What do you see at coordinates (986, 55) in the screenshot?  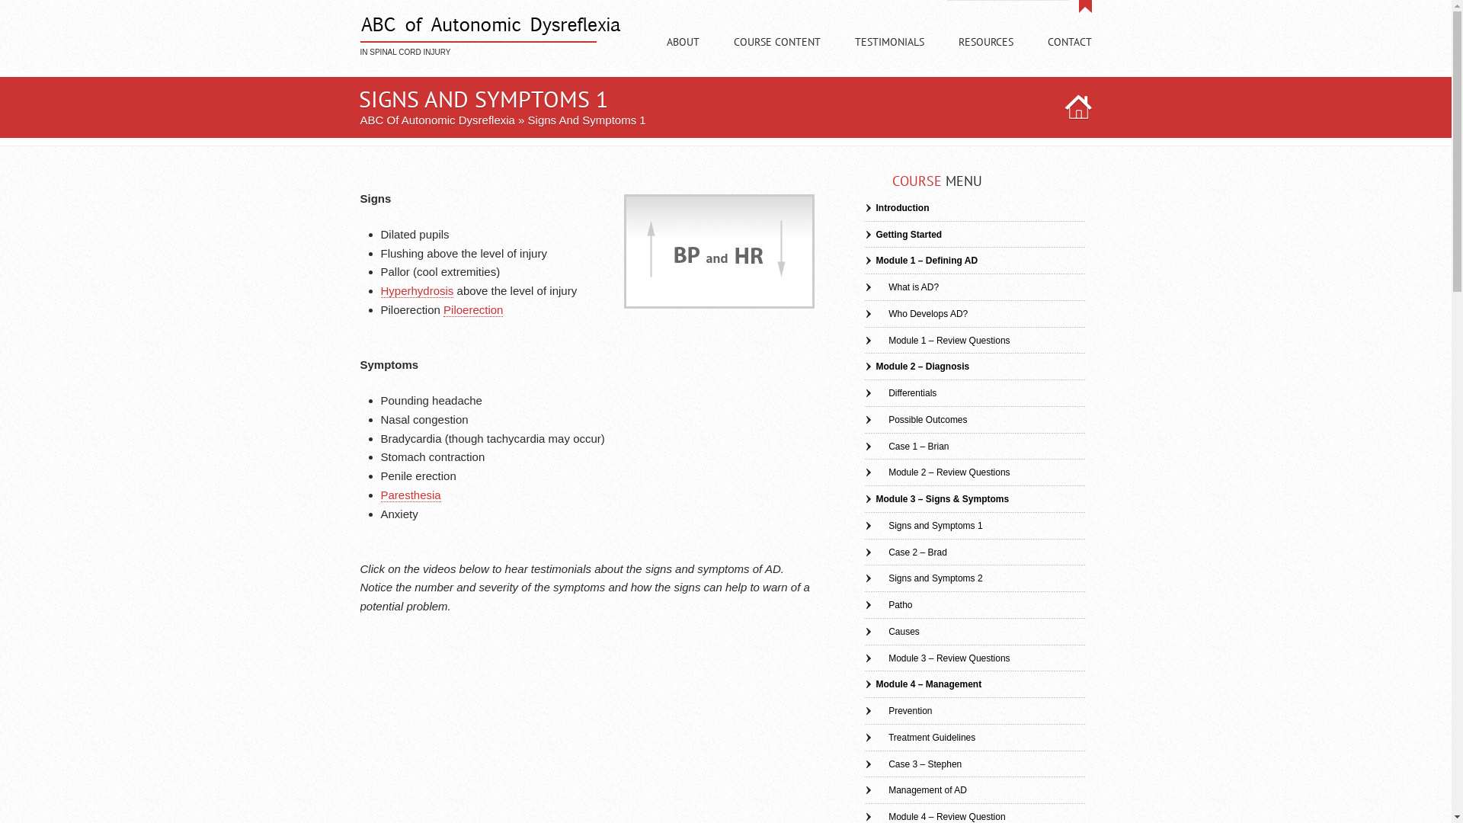 I see `'RESOURCES'` at bounding box center [986, 55].